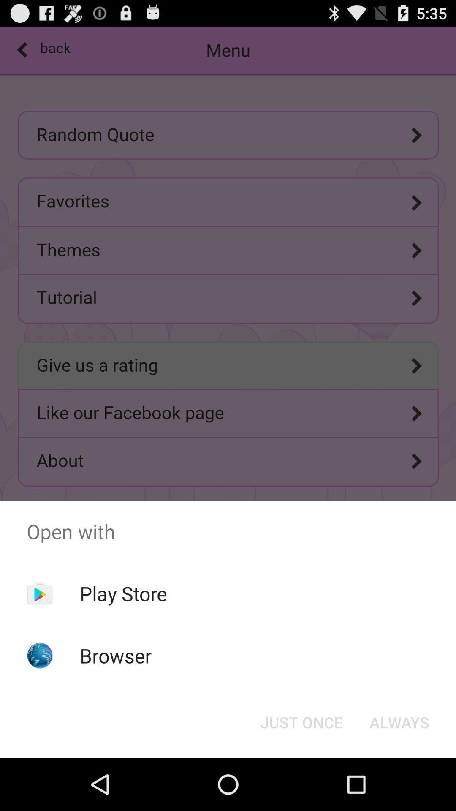 This screenshot has height=811, width=456. I want to click on the icon below open with icon, so click(123, 593).